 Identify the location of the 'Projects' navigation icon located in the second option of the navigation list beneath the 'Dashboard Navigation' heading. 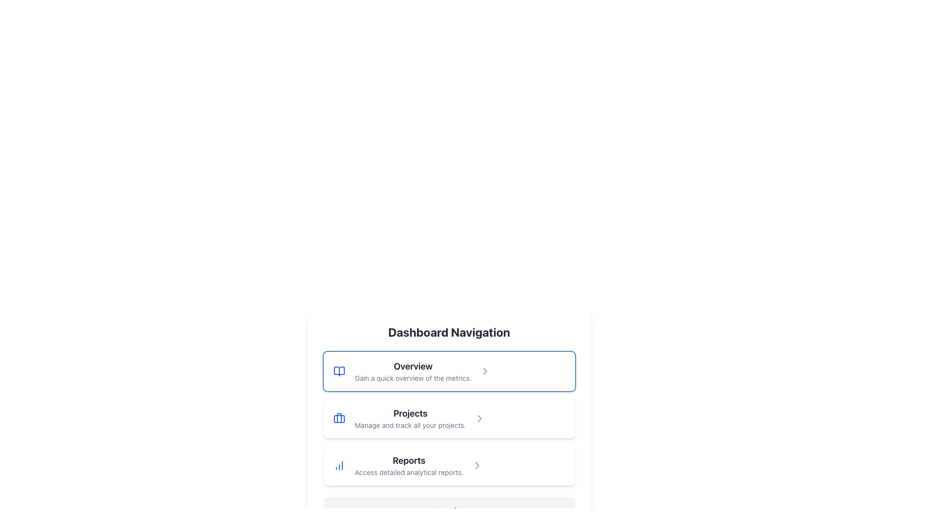
(339, 418).